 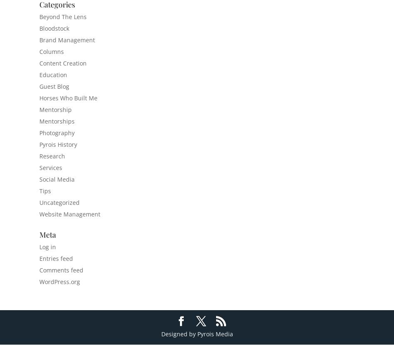 I want to click on 'Horses Who Built Me', so click(x=68, y=98).